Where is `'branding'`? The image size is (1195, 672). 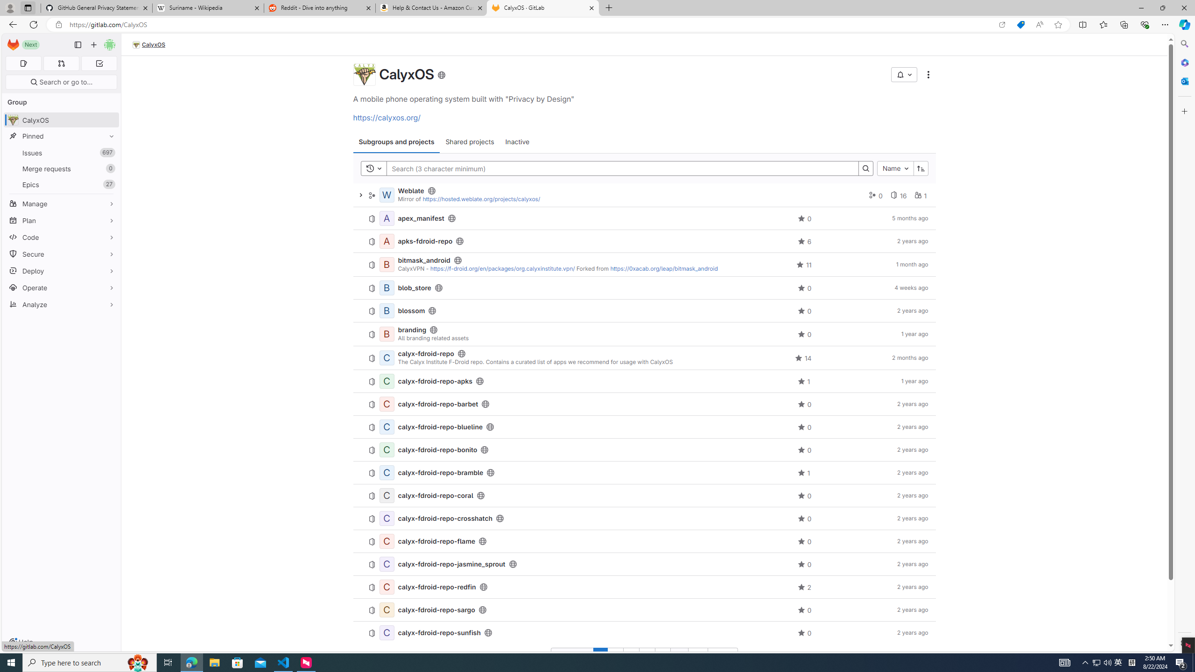
'branding' is located at coordinates (412, 329).